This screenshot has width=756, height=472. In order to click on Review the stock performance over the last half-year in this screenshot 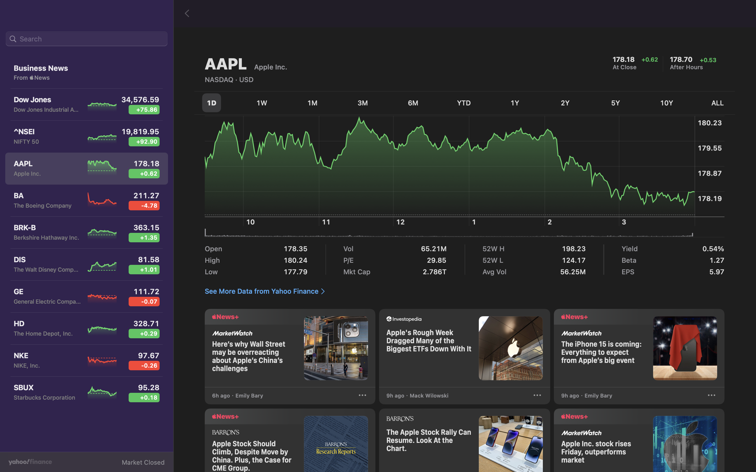, I will do `click(414, 101)`.